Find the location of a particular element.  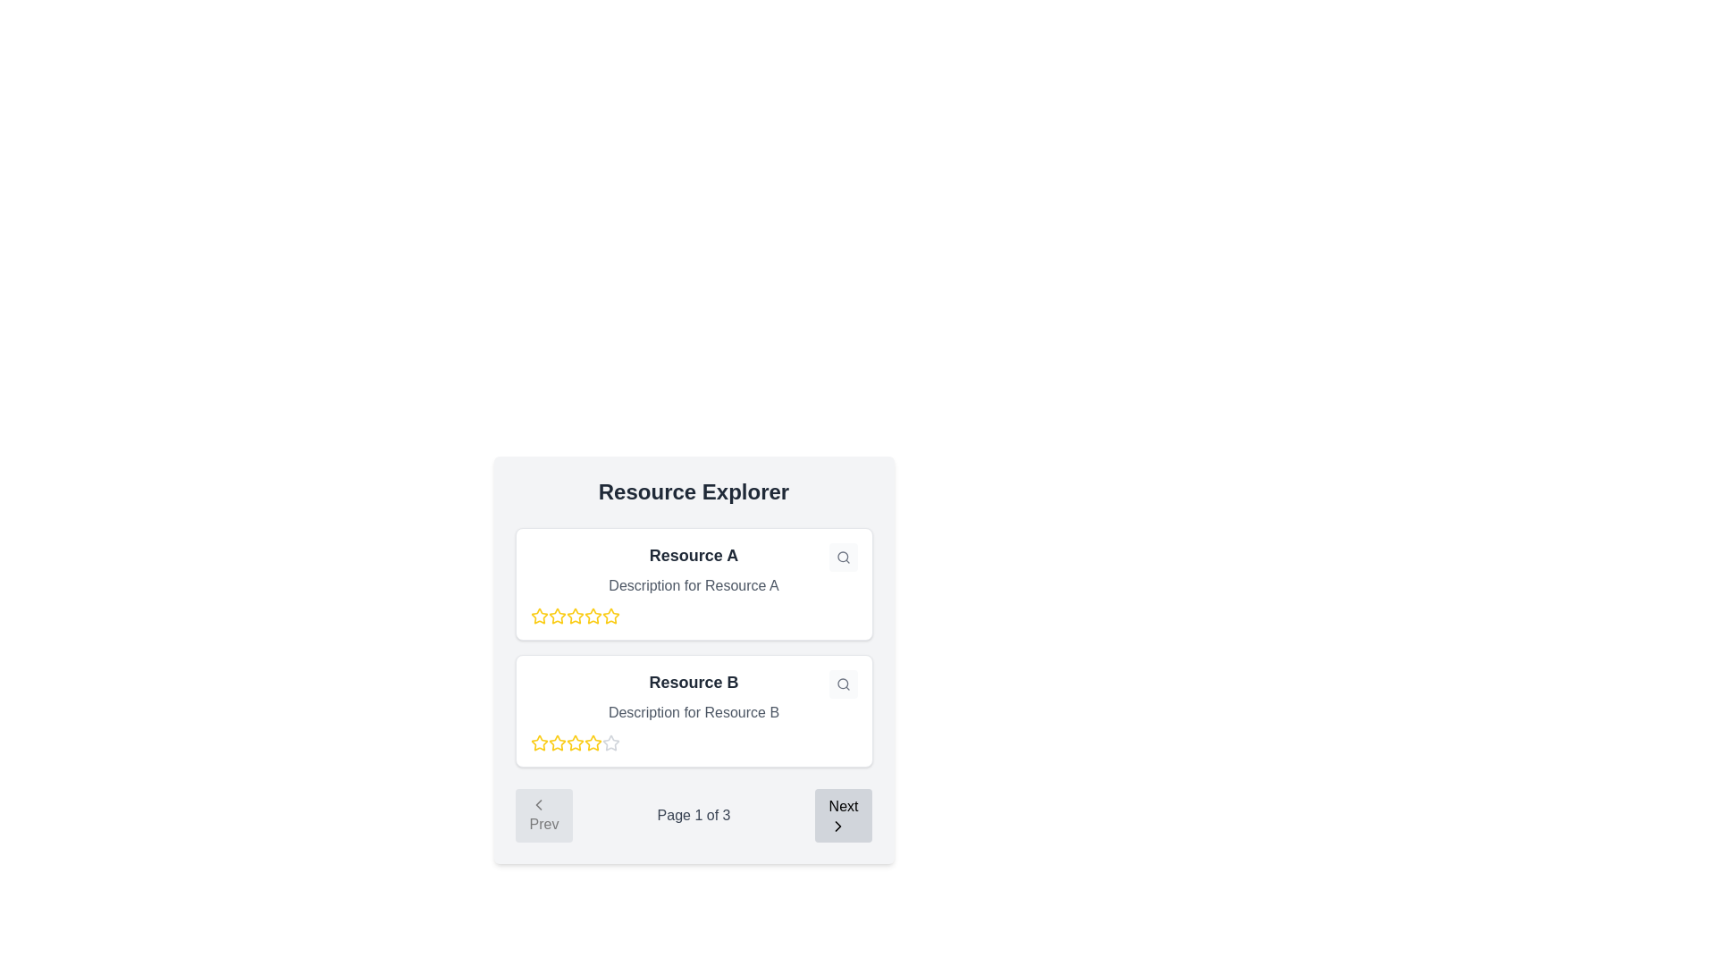

the chevron icon located at the far right side of the 'Next' button in the bottom-right corner of the resource panel is located at coordinates (837, 827).